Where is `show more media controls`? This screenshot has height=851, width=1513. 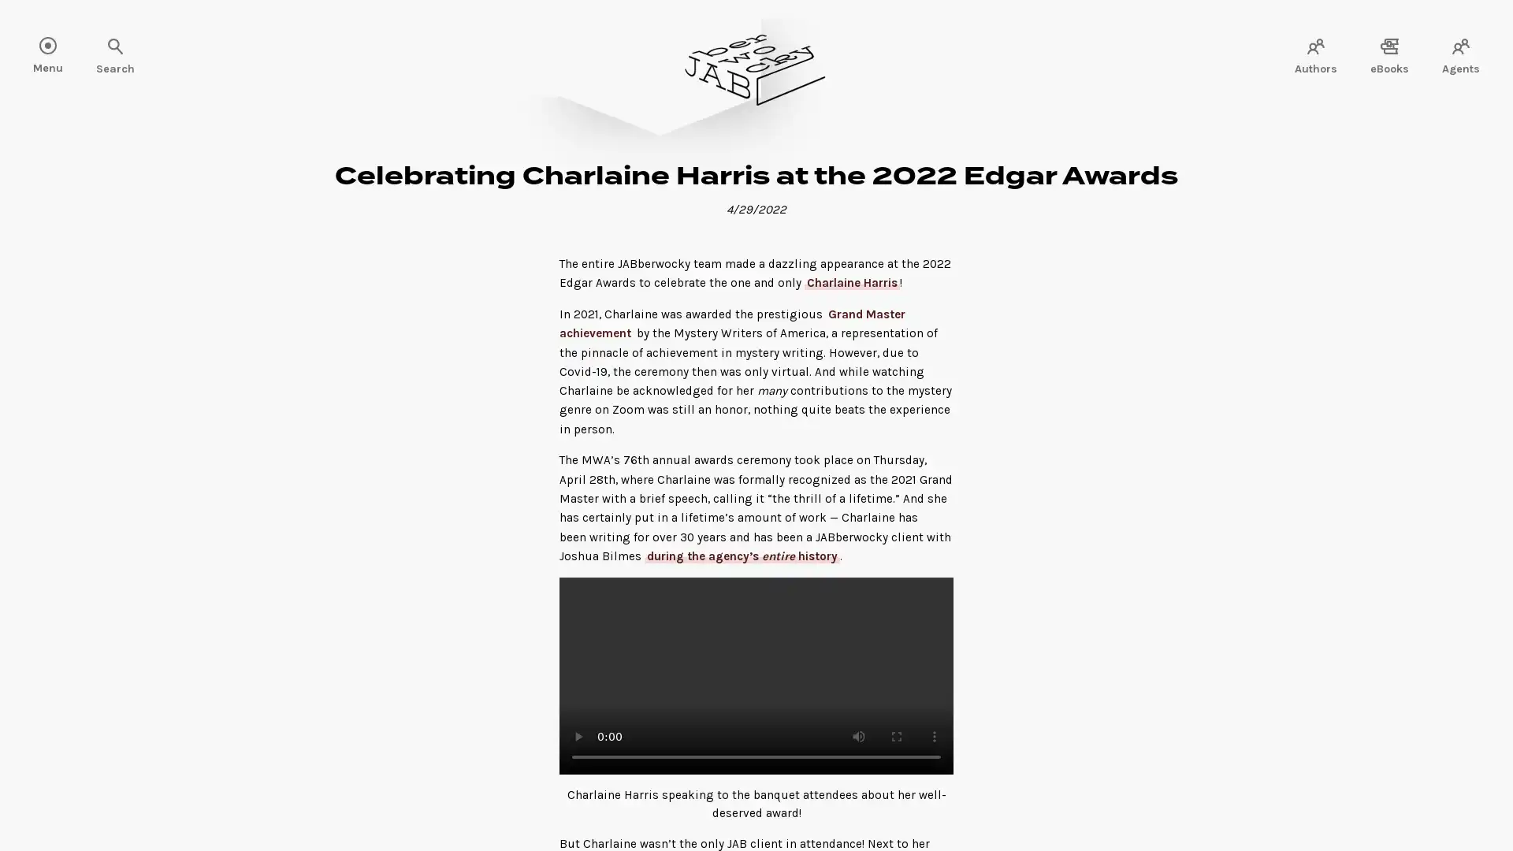
show more media controls is located at coordinates (934, 736).